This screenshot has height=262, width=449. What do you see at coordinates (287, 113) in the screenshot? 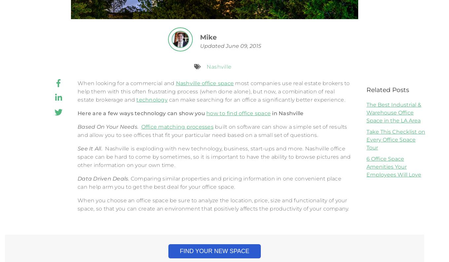
I see `'in Nashville'` at bounding box center [287, 113].